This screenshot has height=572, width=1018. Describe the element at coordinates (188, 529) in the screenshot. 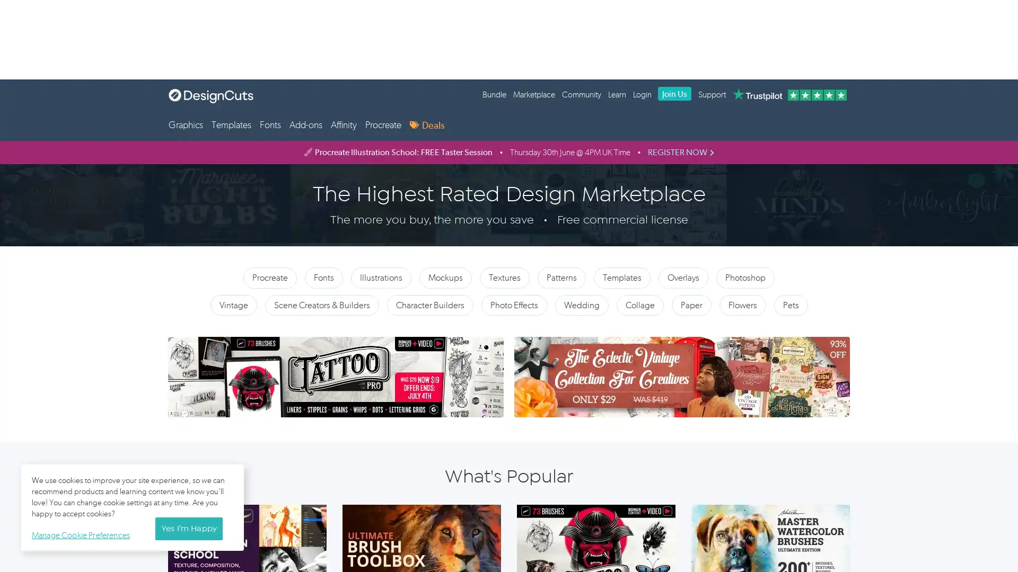

I see `Yes Im Happy` at that location.